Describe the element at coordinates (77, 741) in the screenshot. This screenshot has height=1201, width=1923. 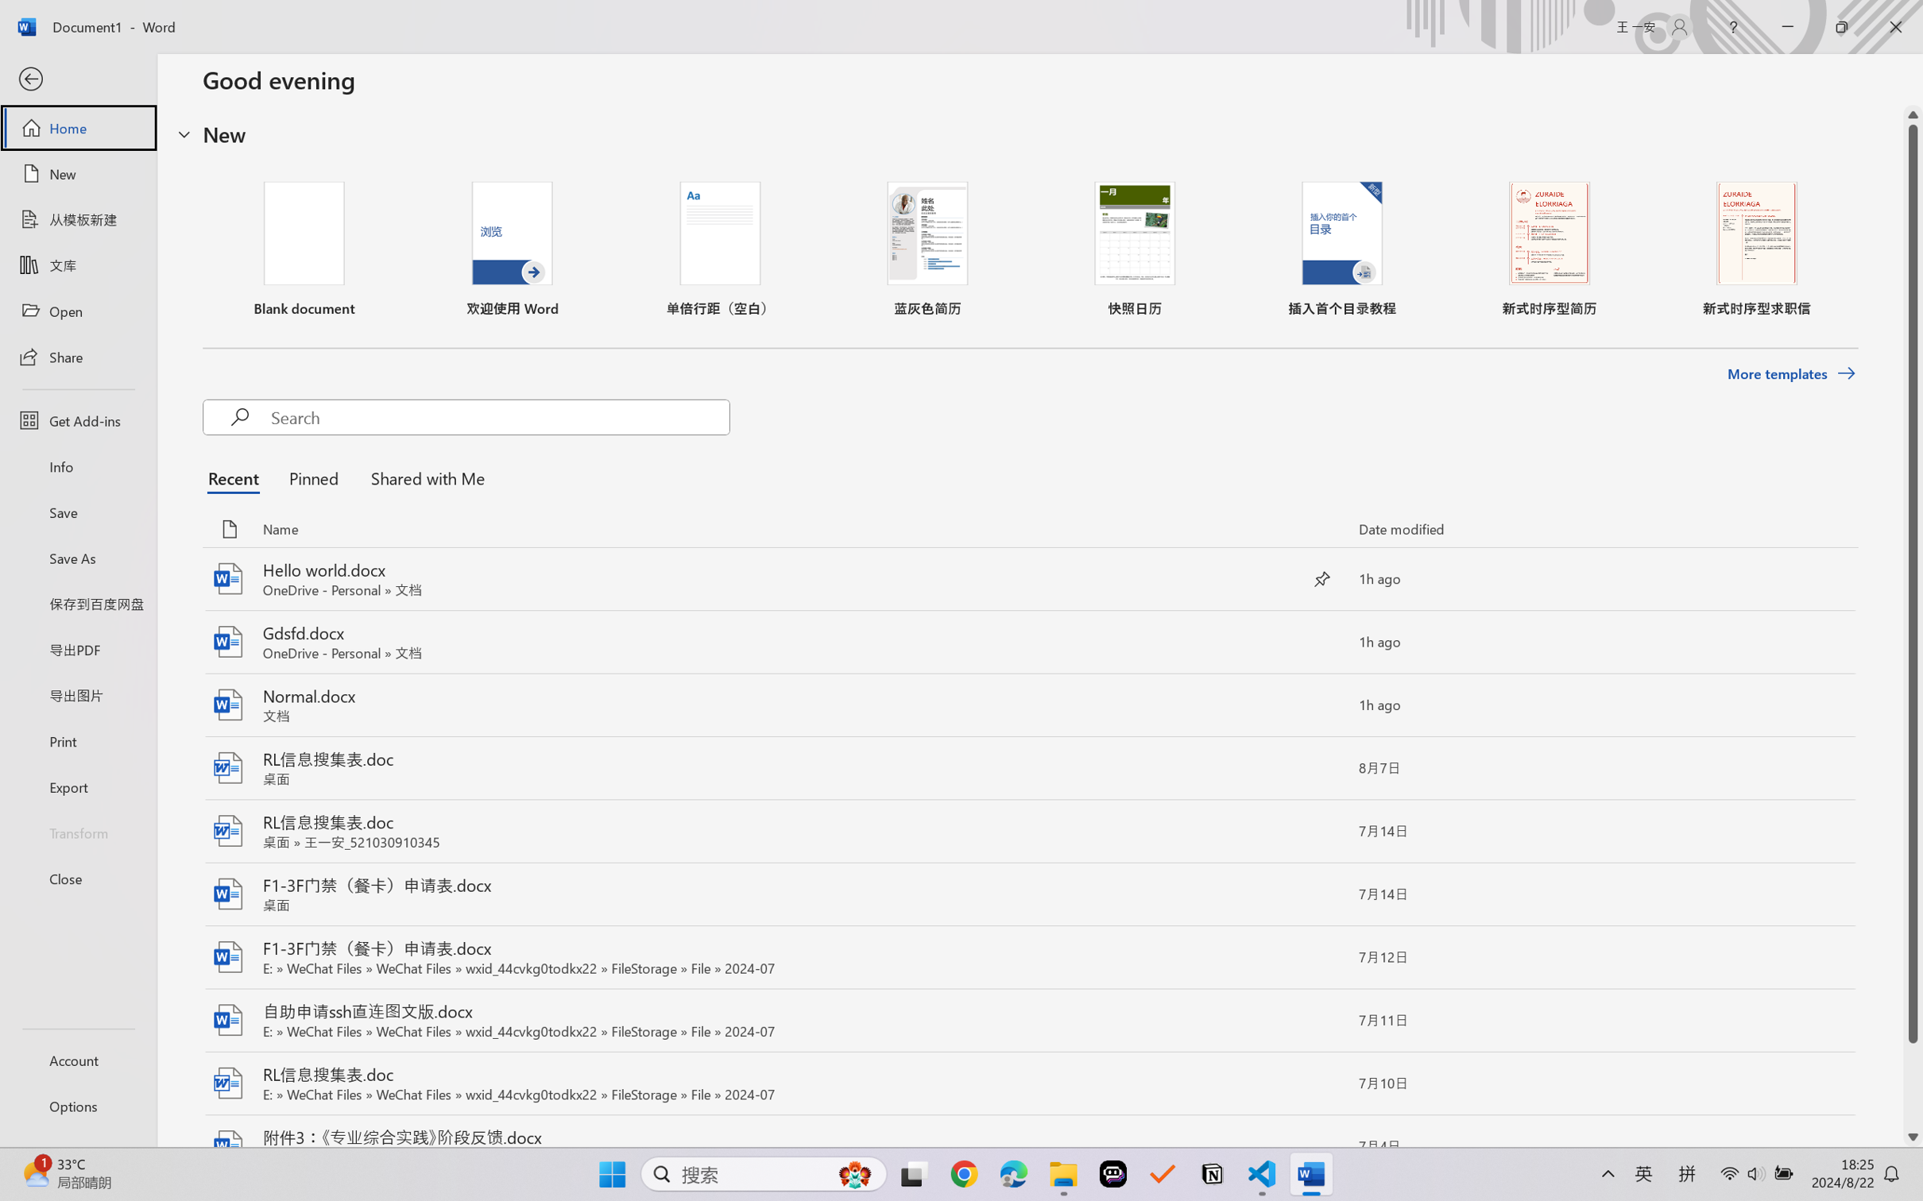
I see `'Print'` at that location.